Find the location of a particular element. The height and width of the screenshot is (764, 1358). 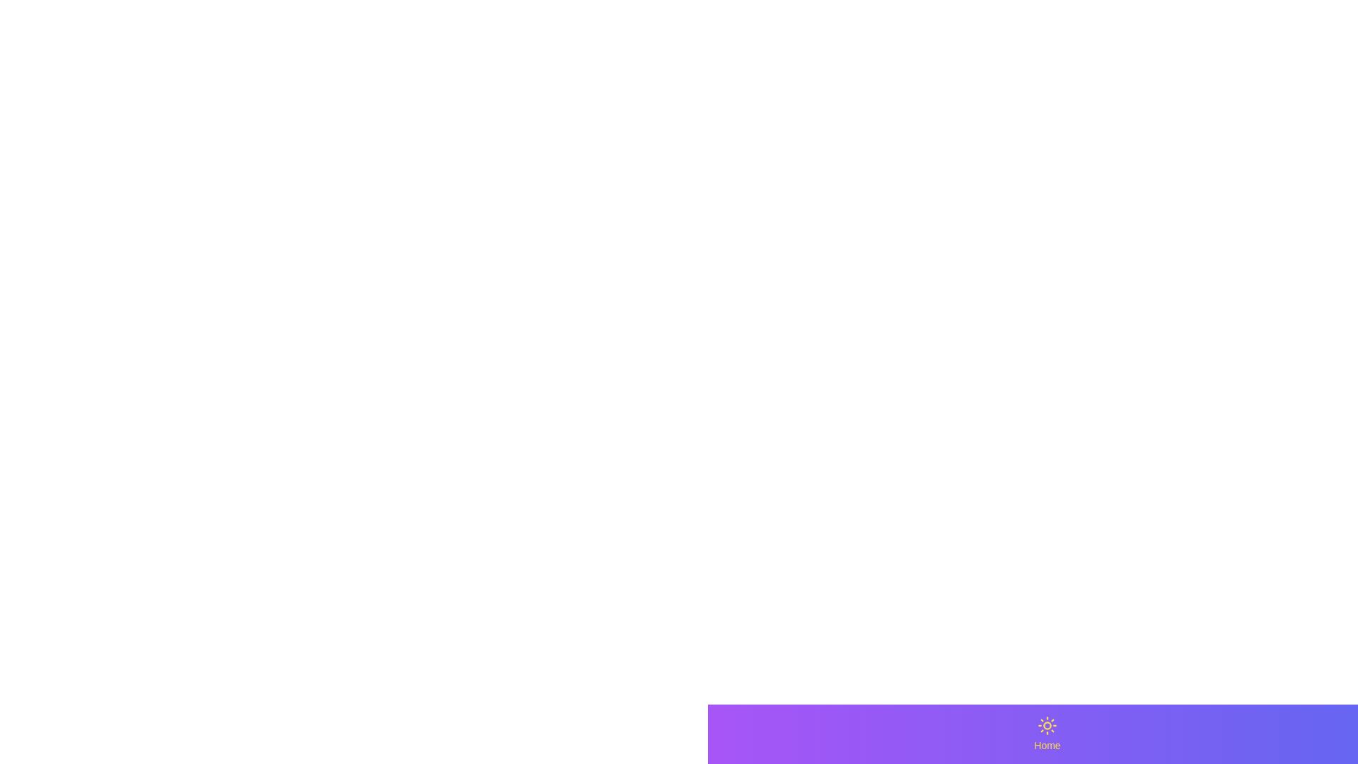

the tab labeled Home to observe its visual change is located at coordinates (1047, 733).